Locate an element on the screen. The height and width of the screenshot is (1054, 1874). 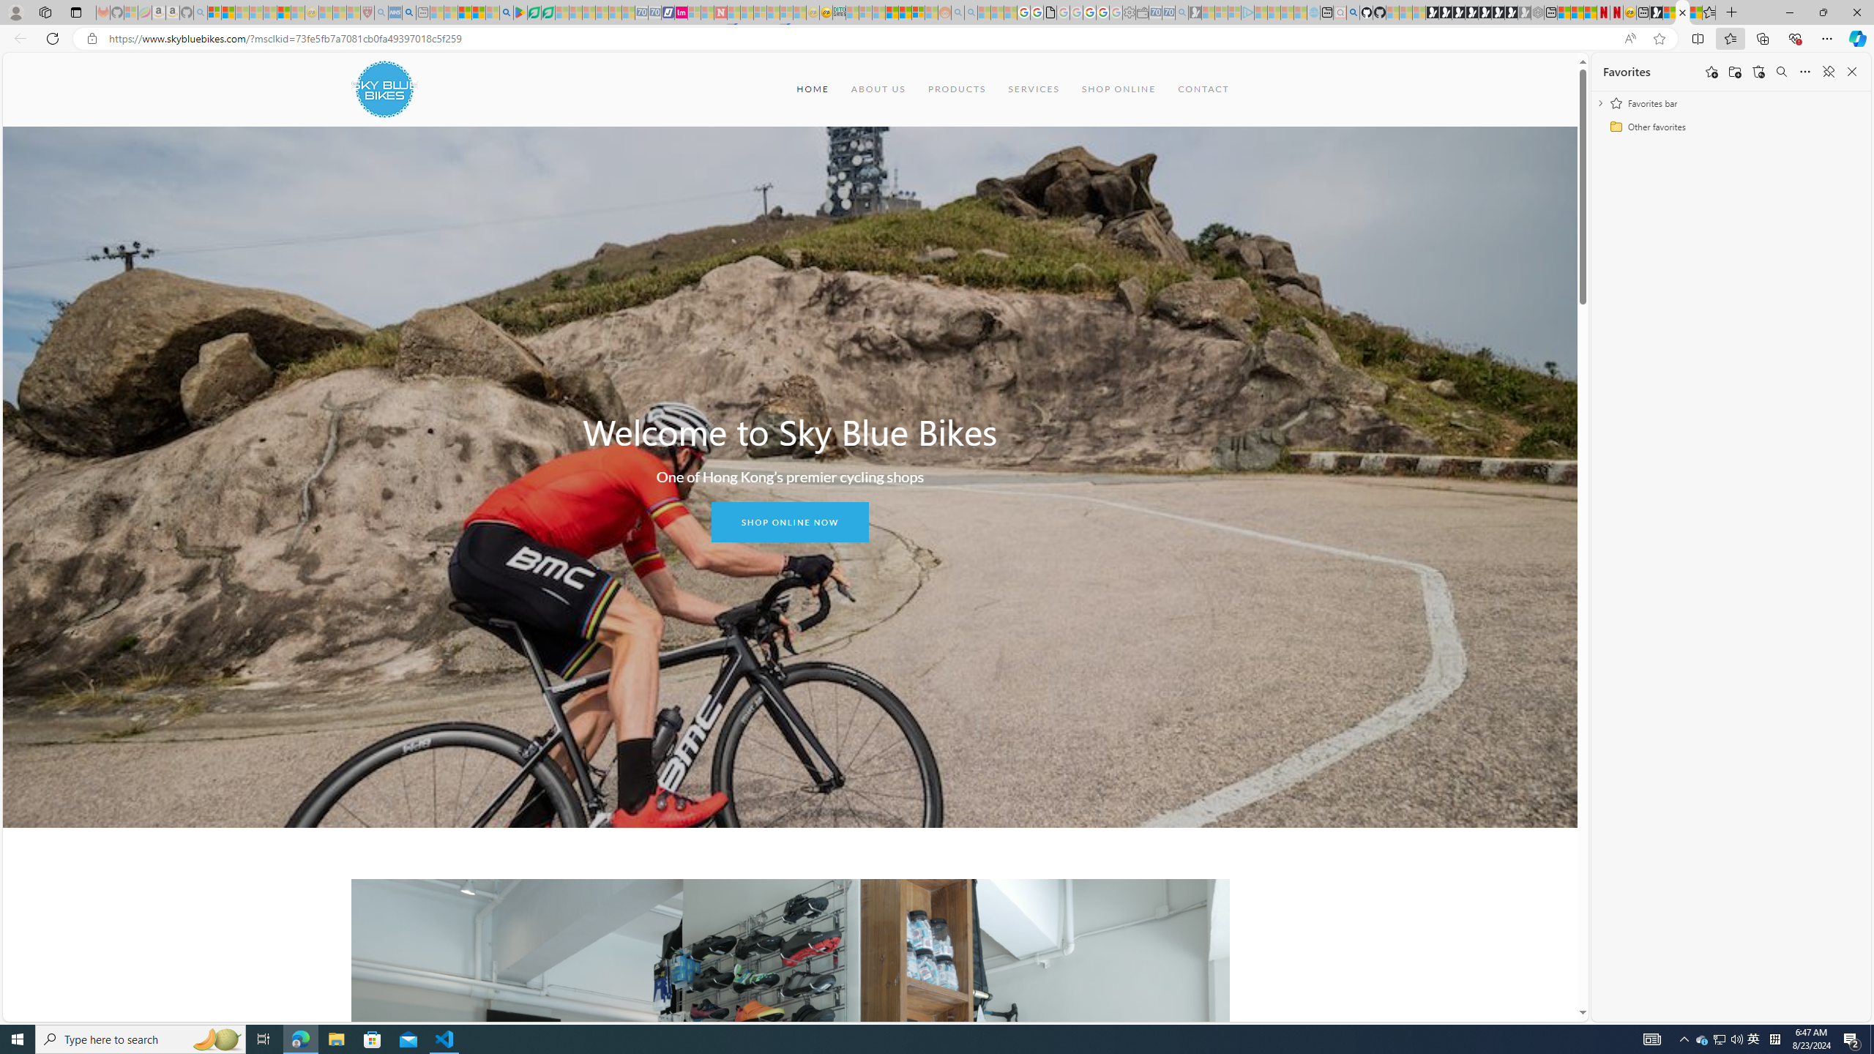
'Class: uk-navbar-item uk-logo' is located at coordinates (383, 88).